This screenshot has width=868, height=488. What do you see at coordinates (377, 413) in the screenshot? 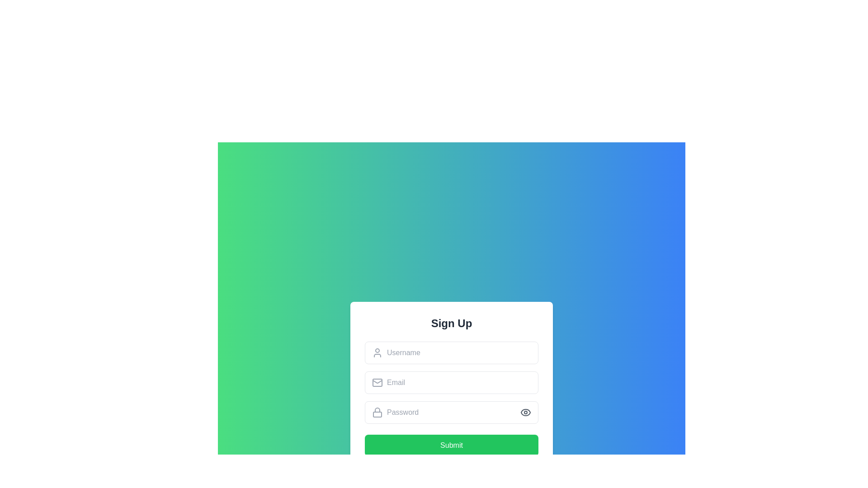
I see `the decorative lock icon located inside the password input field, positioned to the left of the input box` at bounding box center [377, 413].